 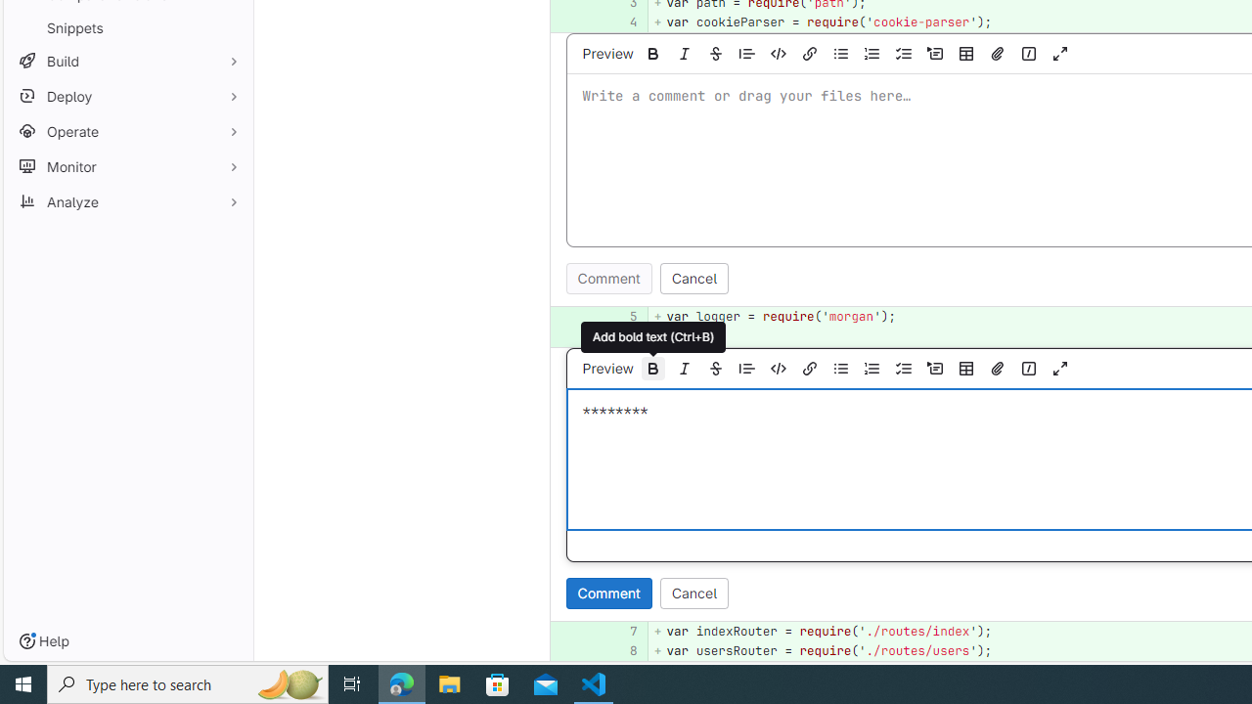 What do you see at coordinates (902, 368) in the screenshot?
I see `'Add a checklist'` at bounding box center [902, 368].